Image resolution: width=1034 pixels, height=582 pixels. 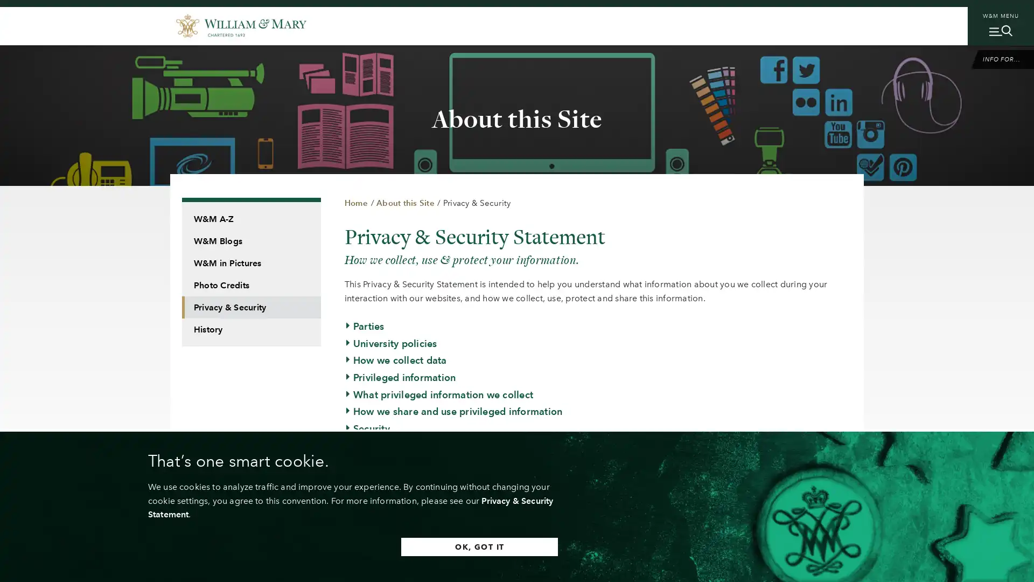 What do you see at coordinates (390, 343) in the screenshot?
I see `University policies` at bounding box center [390, 343].